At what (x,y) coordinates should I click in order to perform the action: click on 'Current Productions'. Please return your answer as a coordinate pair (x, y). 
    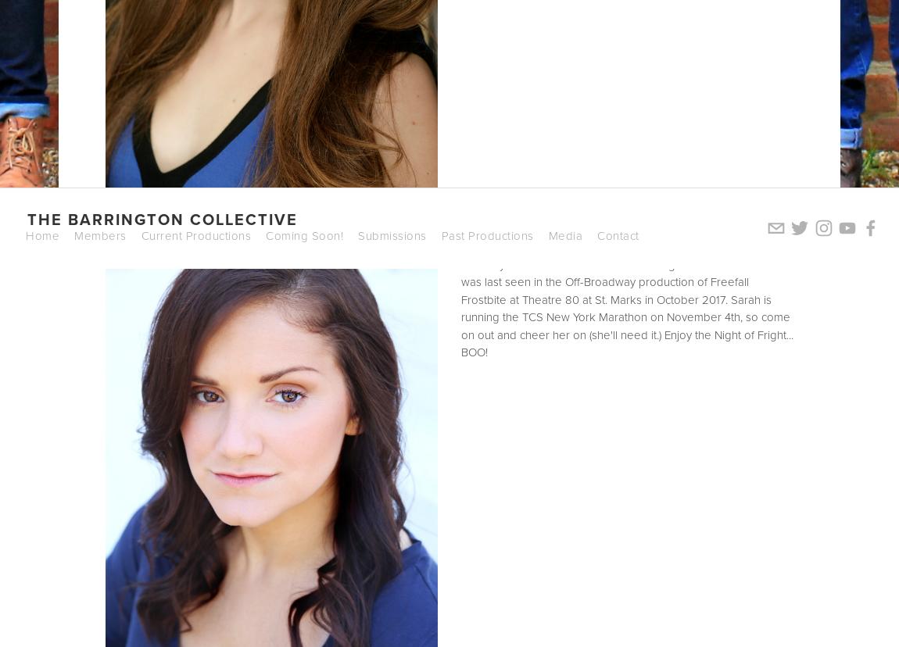
    Looking at the image, I should click on (139, 234).